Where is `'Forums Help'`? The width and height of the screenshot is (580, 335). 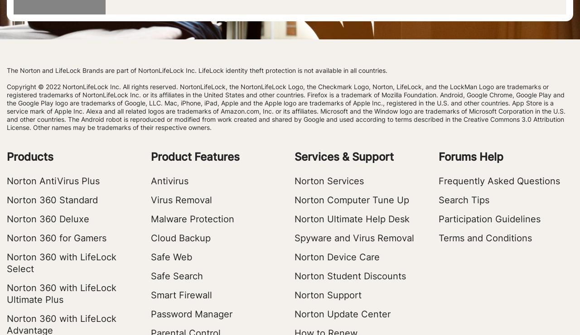
'Forums Help' is located at coordinates (470, 157).